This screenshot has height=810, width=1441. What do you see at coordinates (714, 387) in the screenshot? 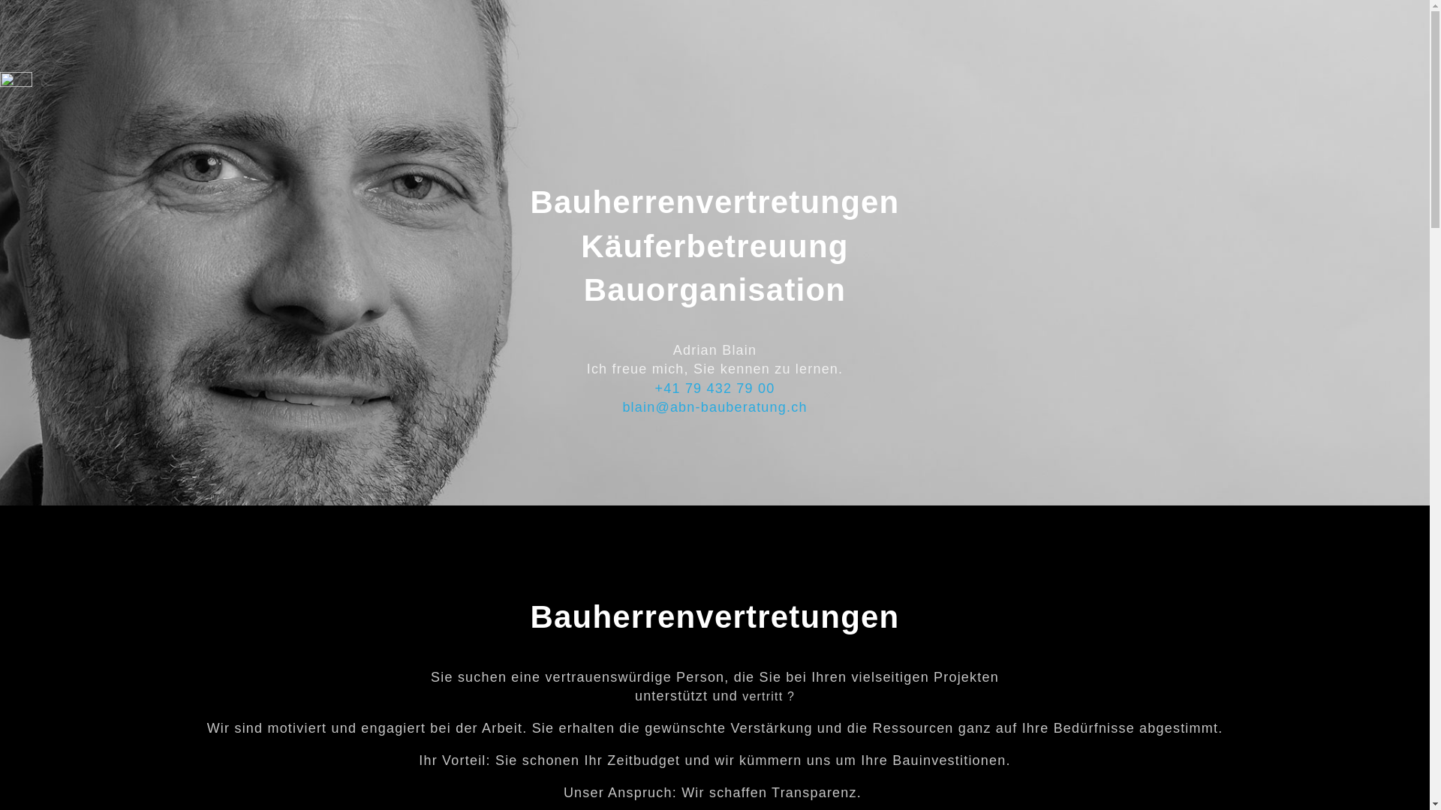
I see `'+41 79 432 79 00'` at bounding box center [714, 387].